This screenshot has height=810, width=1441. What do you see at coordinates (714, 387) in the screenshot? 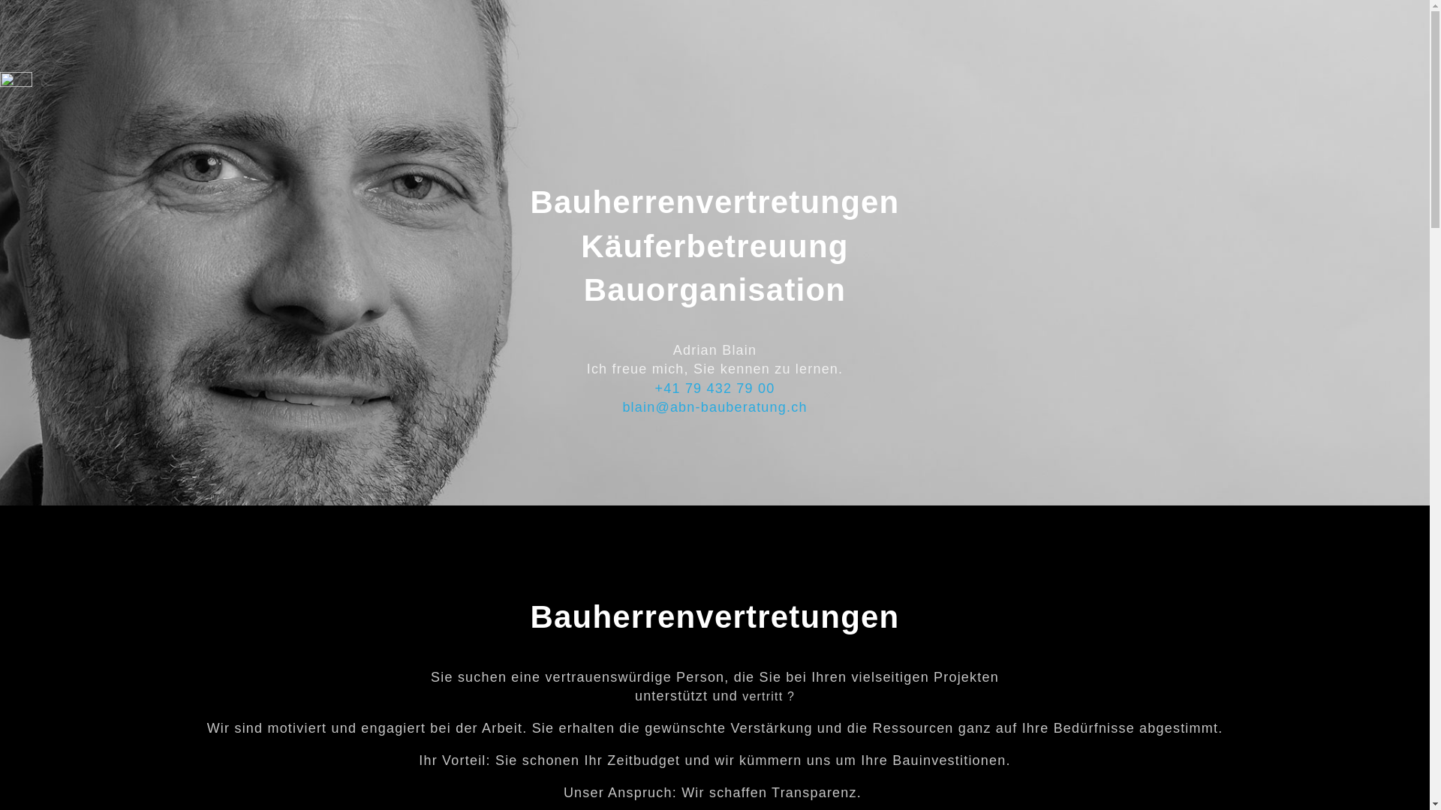
I see `'+41 79 432 79 00'` at bounding box center [714, 387].